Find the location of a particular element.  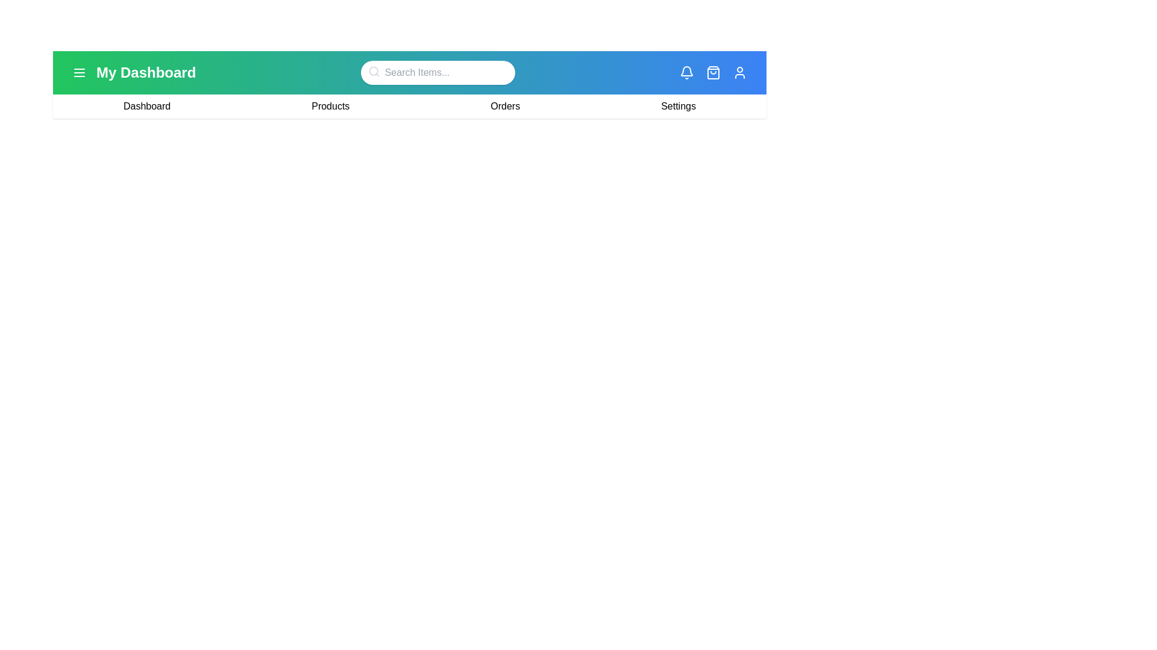

the 'Orders' link in the navigation menu is located at coordinates (505, 106).